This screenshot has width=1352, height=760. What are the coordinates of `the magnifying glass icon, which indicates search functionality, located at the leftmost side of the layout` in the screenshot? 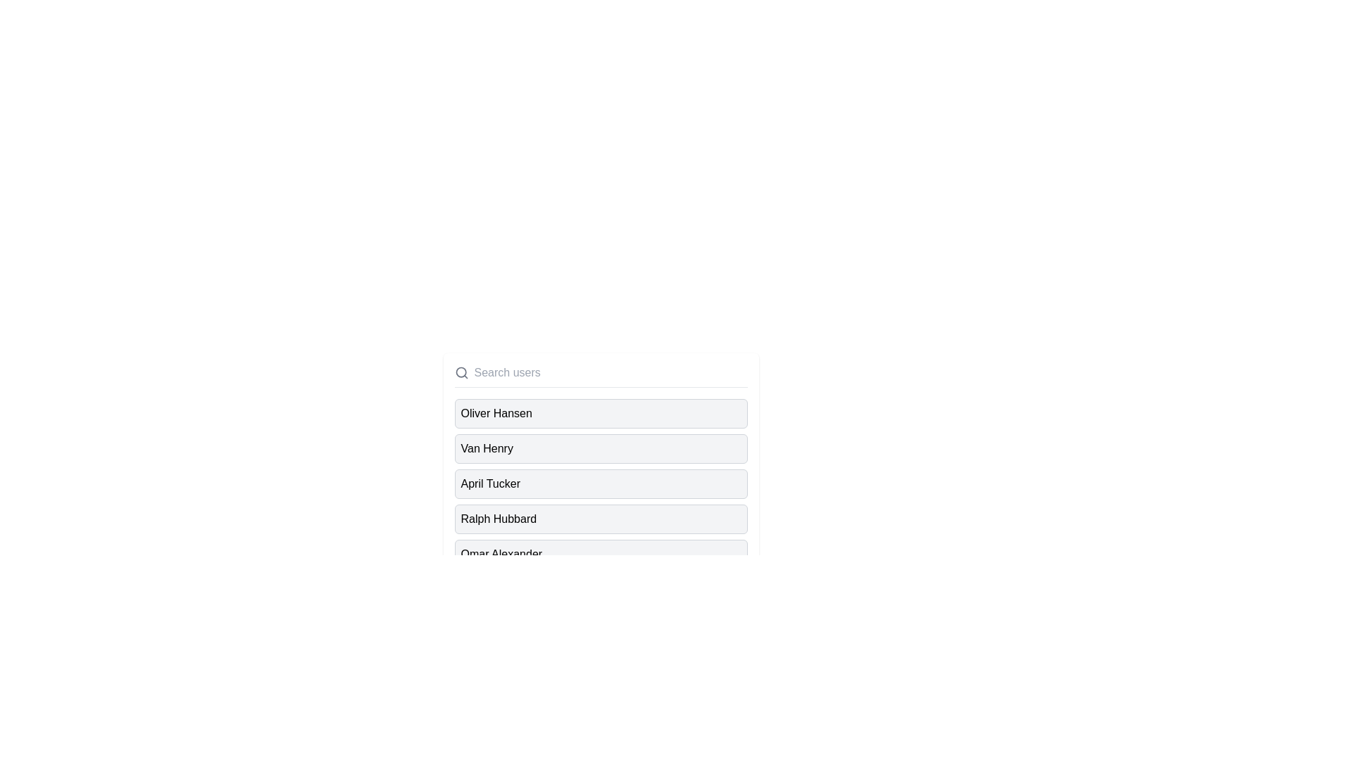 It's located at (461, 372).